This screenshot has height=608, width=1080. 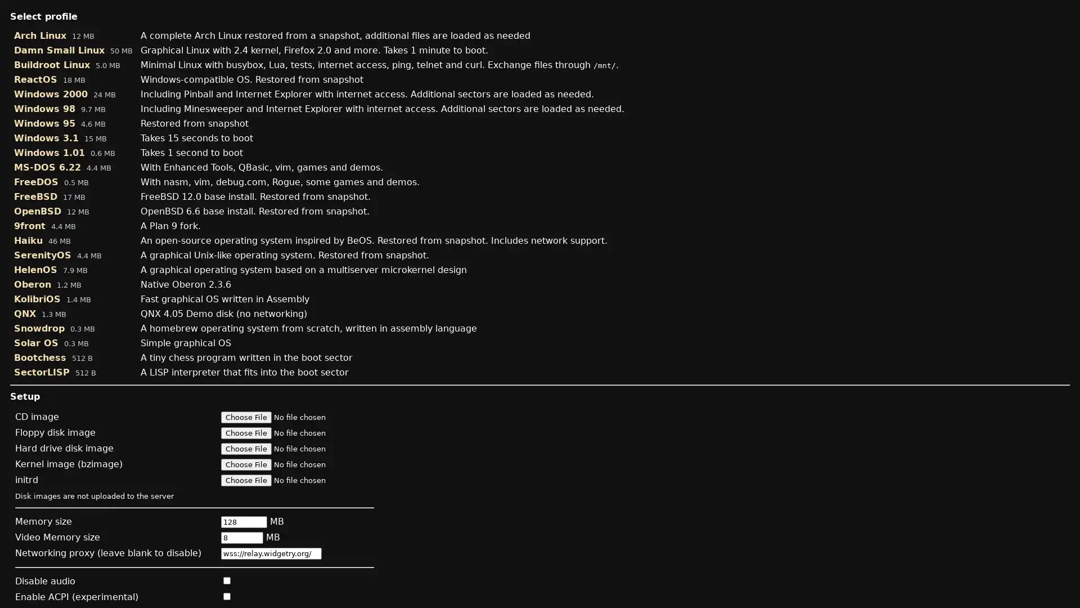 What do you see at coordinates (245, 432) in the screenshot?
I see `Choose File` at bounding box center [245, 432].